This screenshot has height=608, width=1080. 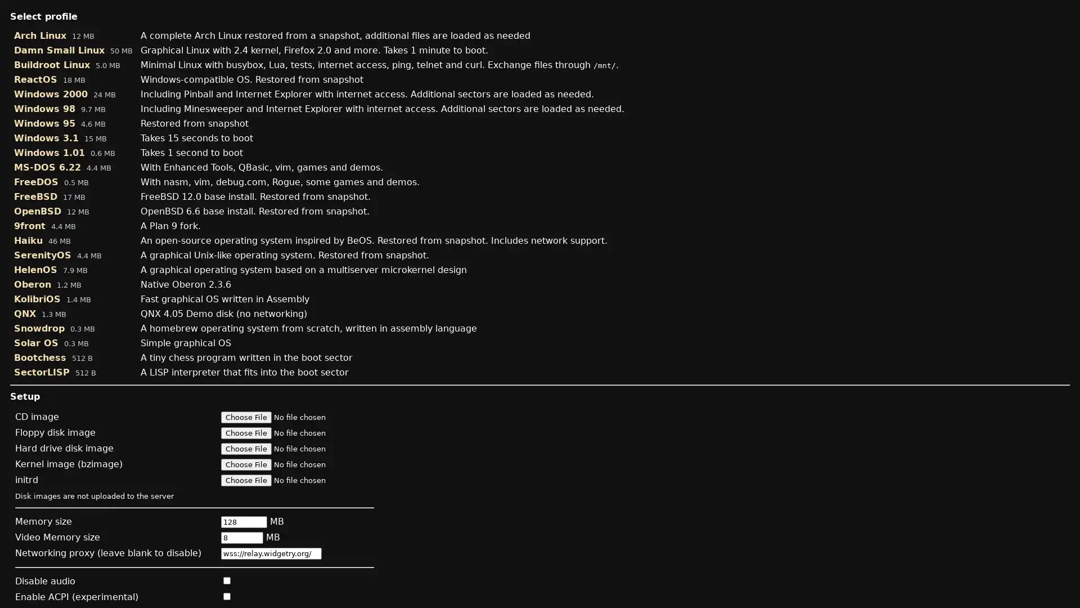 What do you see at coordinates (245, 432) in the screenshot?
I see `Choose File` at bounding box center [245, 432].